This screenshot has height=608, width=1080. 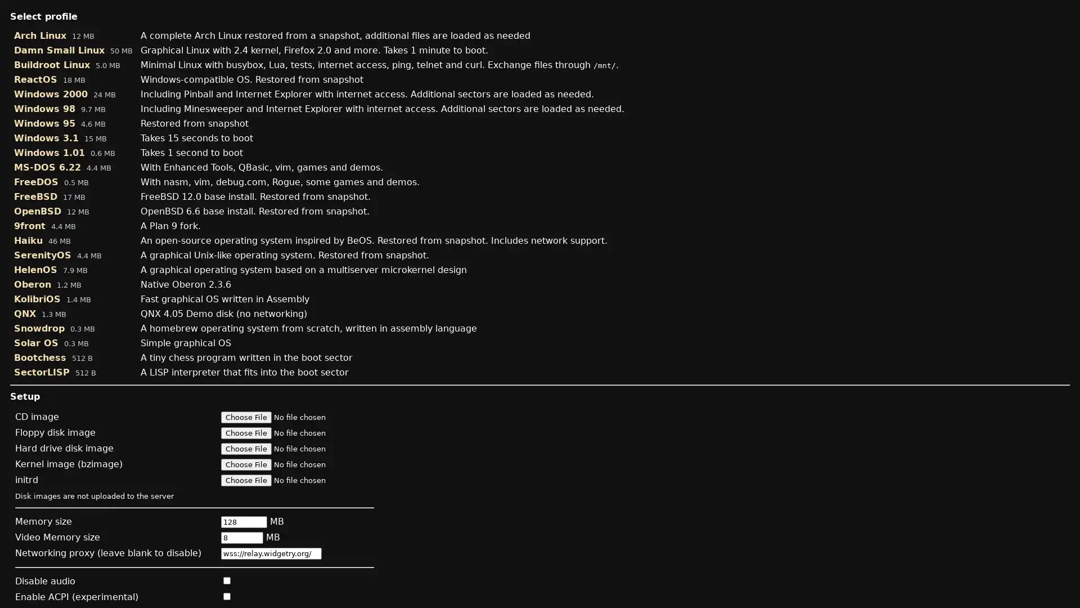 What do you see at coordinates (245, 432) in the screenshot?
I see `Choose File` at bounding box center [245, 432].